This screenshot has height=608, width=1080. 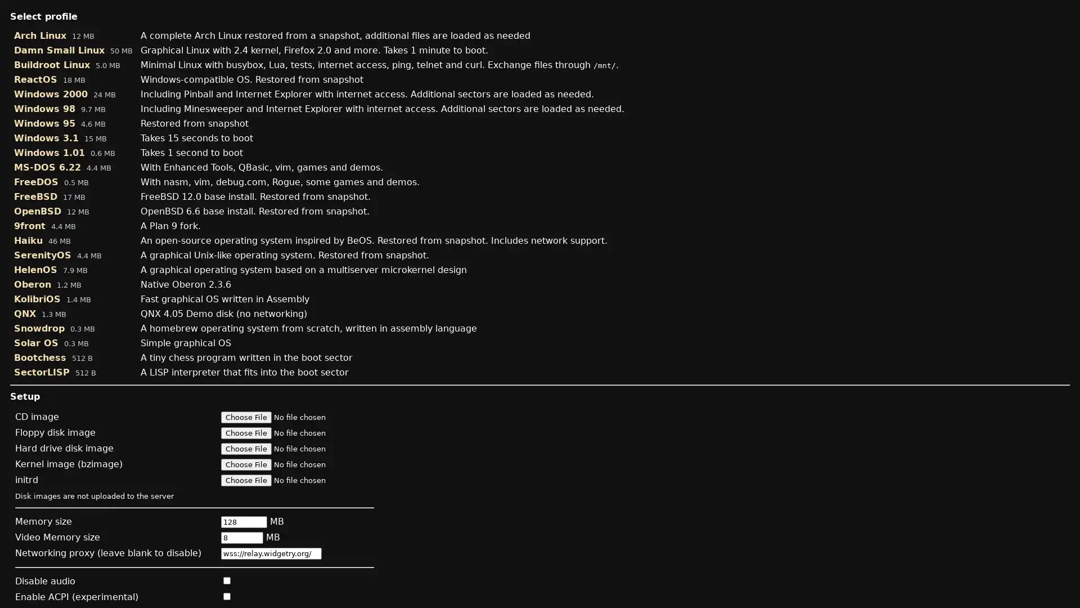 What do you see at coordinates (245, 432) in the screenshot?
I see `Choose File` at bounding box center [245, 432].